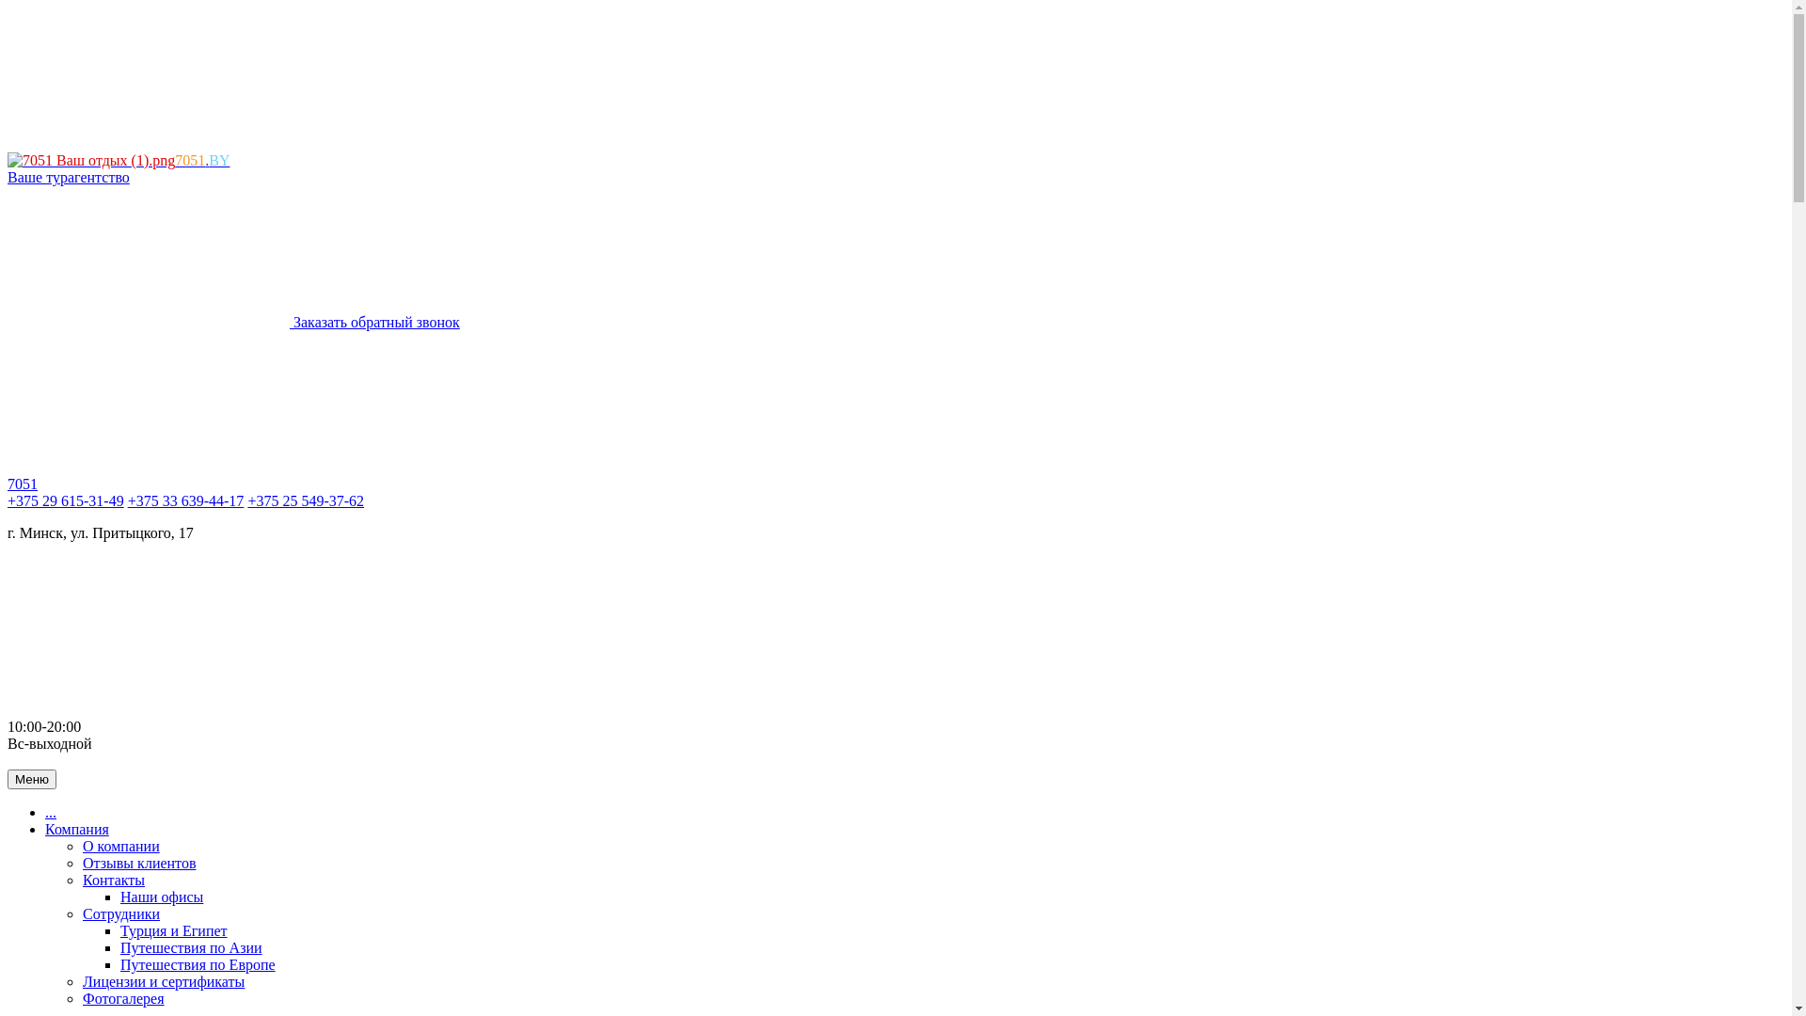  What do you see at coordinates (306, 500) in the screenshot?
I see `'+375 25 549-37-62'` at bounding box center [306, 500].